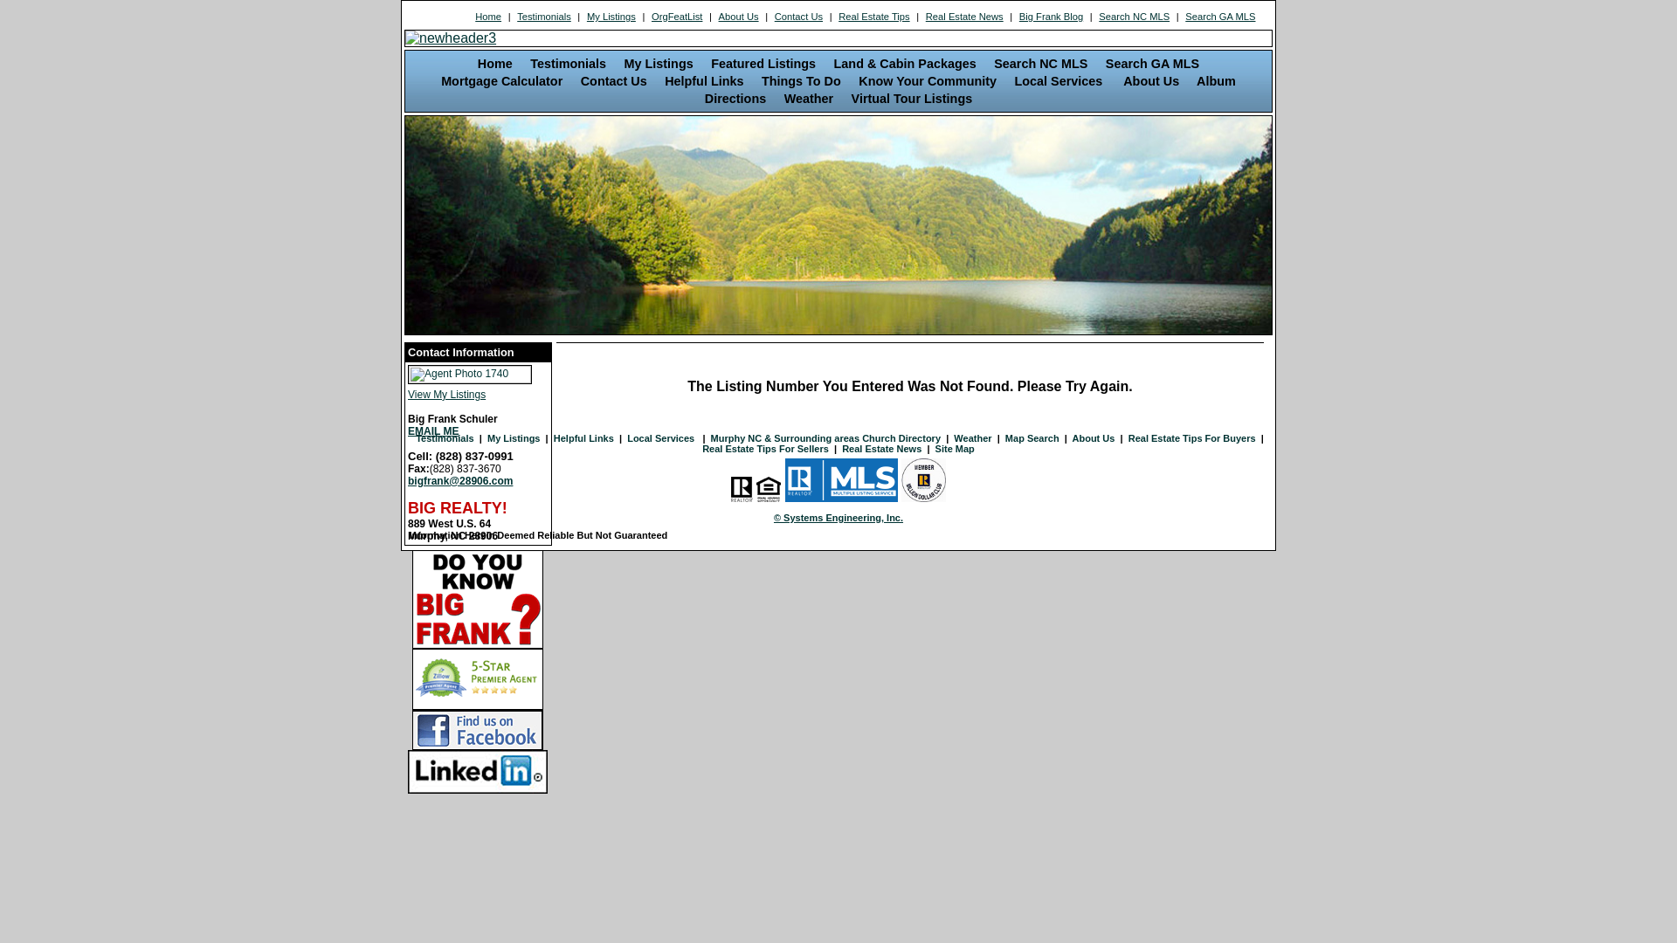 This screenshot has height=943, width=1677. What do you see at coordinates (963, 17) in the screenshot?
I see `'Real Estate News'` at bounding box center [963, 17].